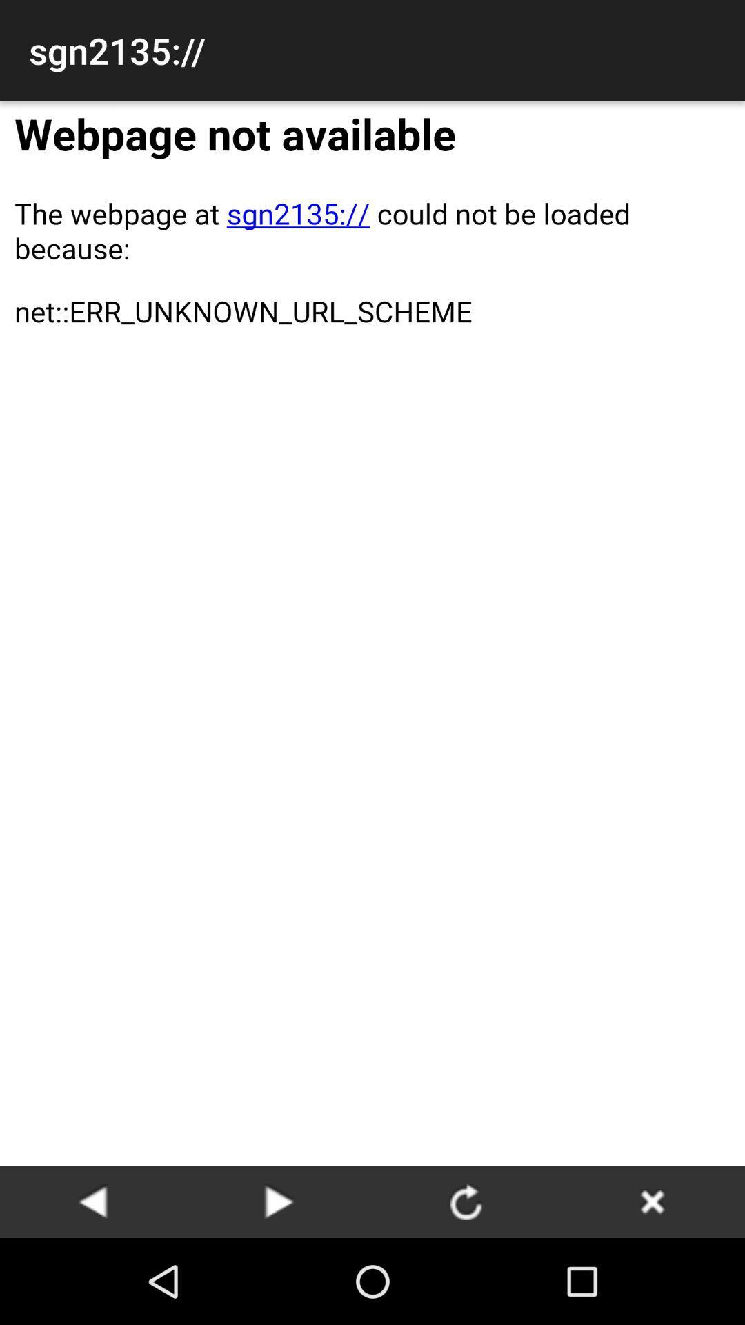  I want to click on page, so click(93, 1201).